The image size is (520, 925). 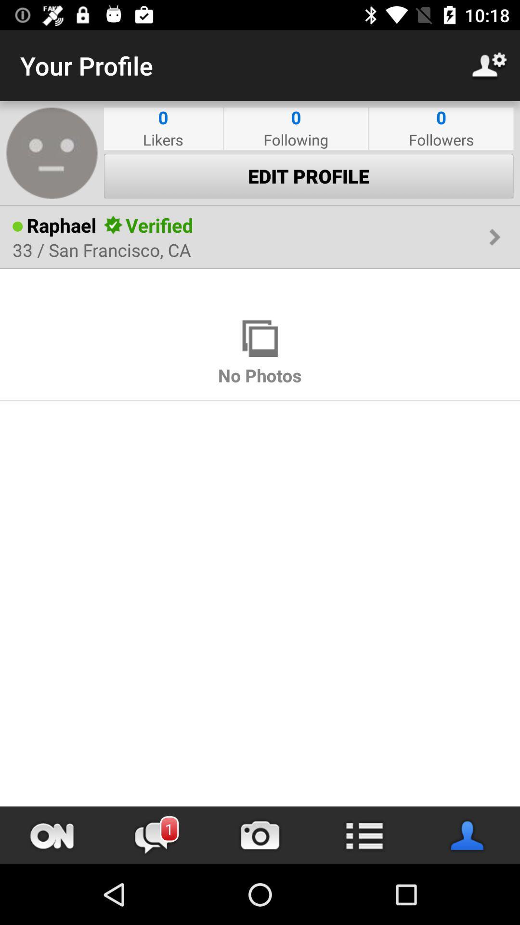 What do you see at coordinates (52, 152) in the screenshot?
I see `profile avatar` at bounding box center [52, 152].